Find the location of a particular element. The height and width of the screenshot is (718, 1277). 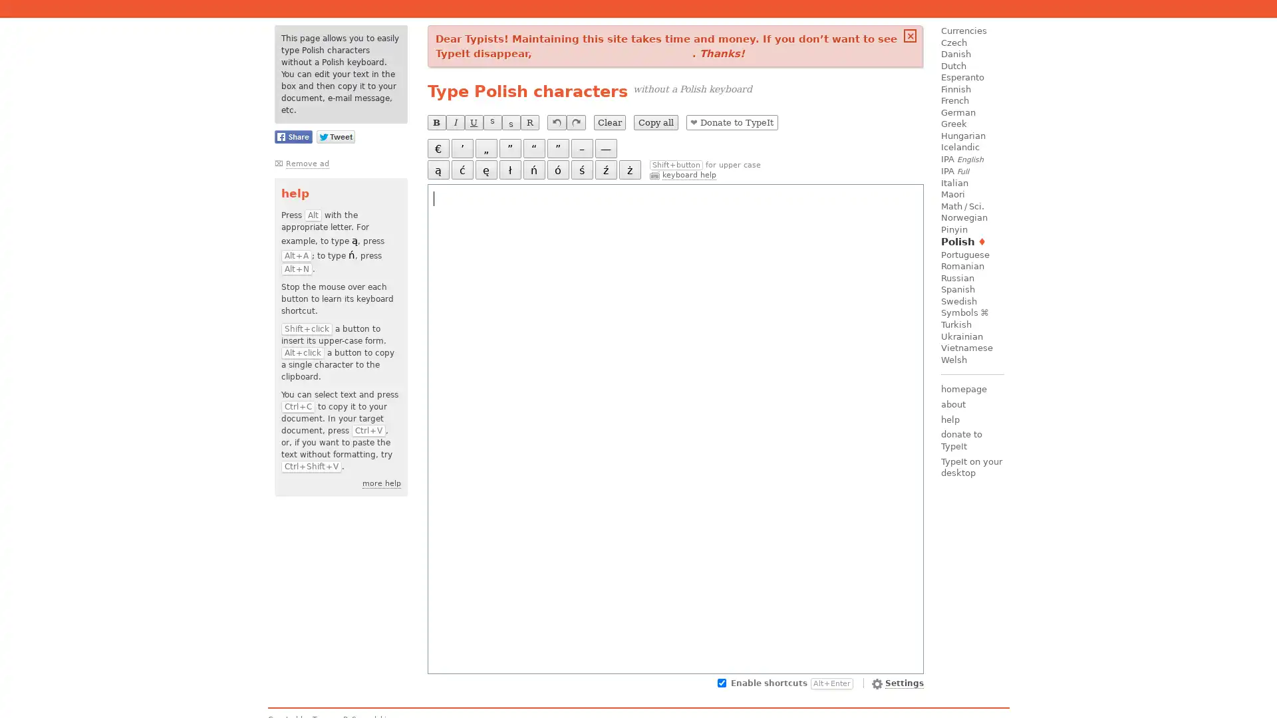

Clear is located at coordinates (609, 122).